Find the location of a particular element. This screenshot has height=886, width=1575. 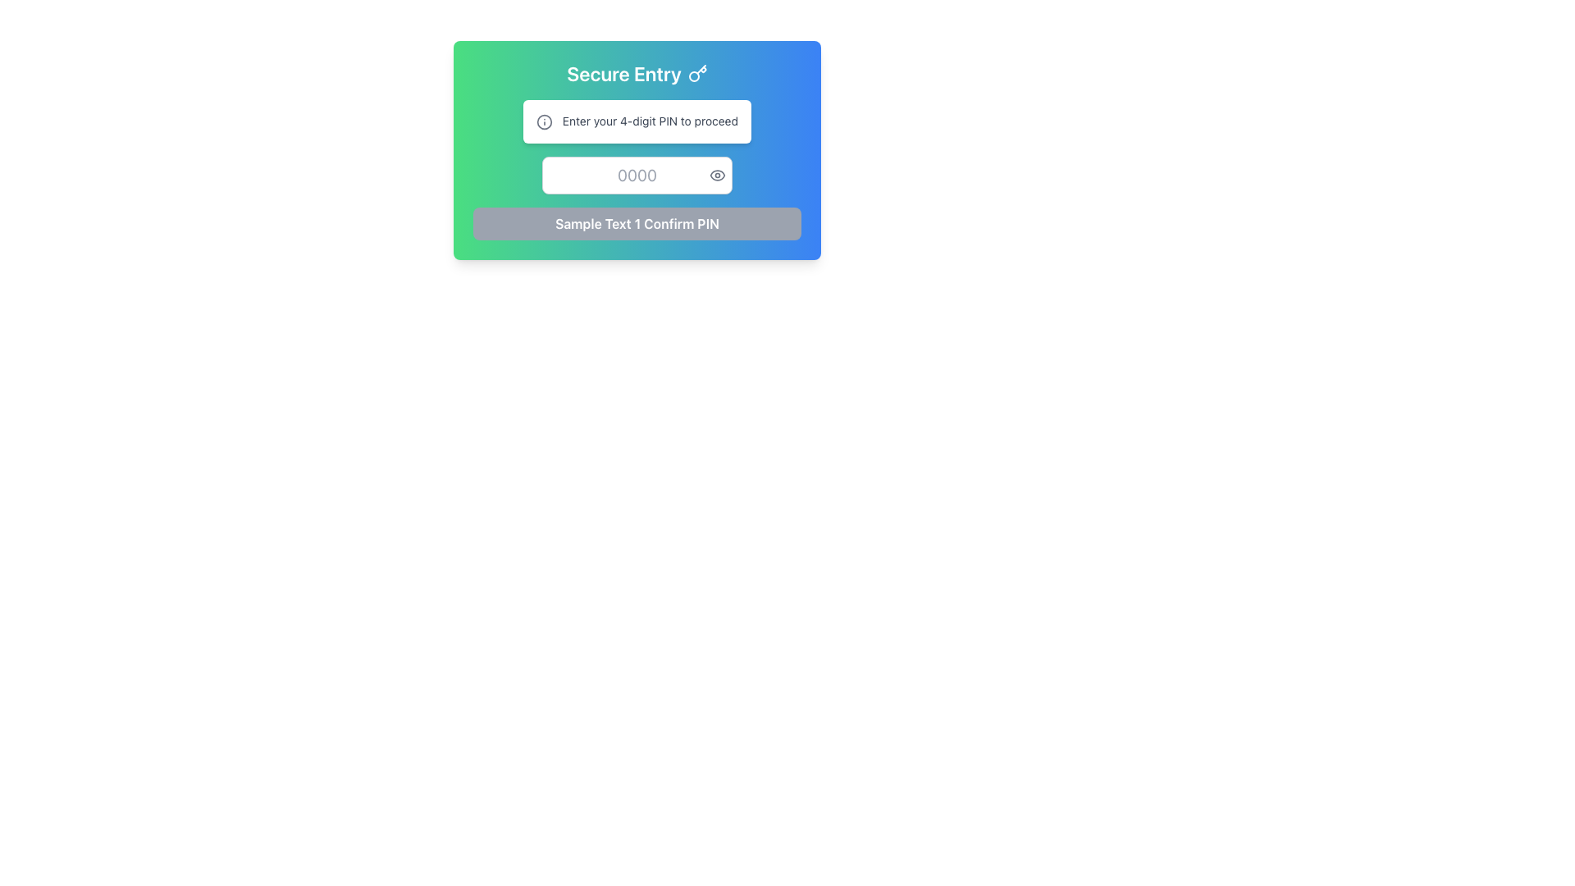

the header text element that indicates the purpose or theme of the content on the card, which is centrally placed at the top of the card with a gradient background is located at coordinates (637, 72).